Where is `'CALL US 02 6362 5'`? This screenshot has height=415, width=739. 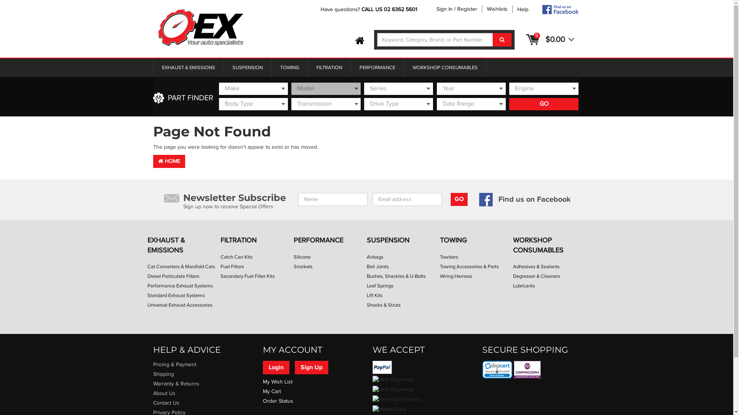
'CALL US 02 6362 5' is located at coordinates (385, 9).